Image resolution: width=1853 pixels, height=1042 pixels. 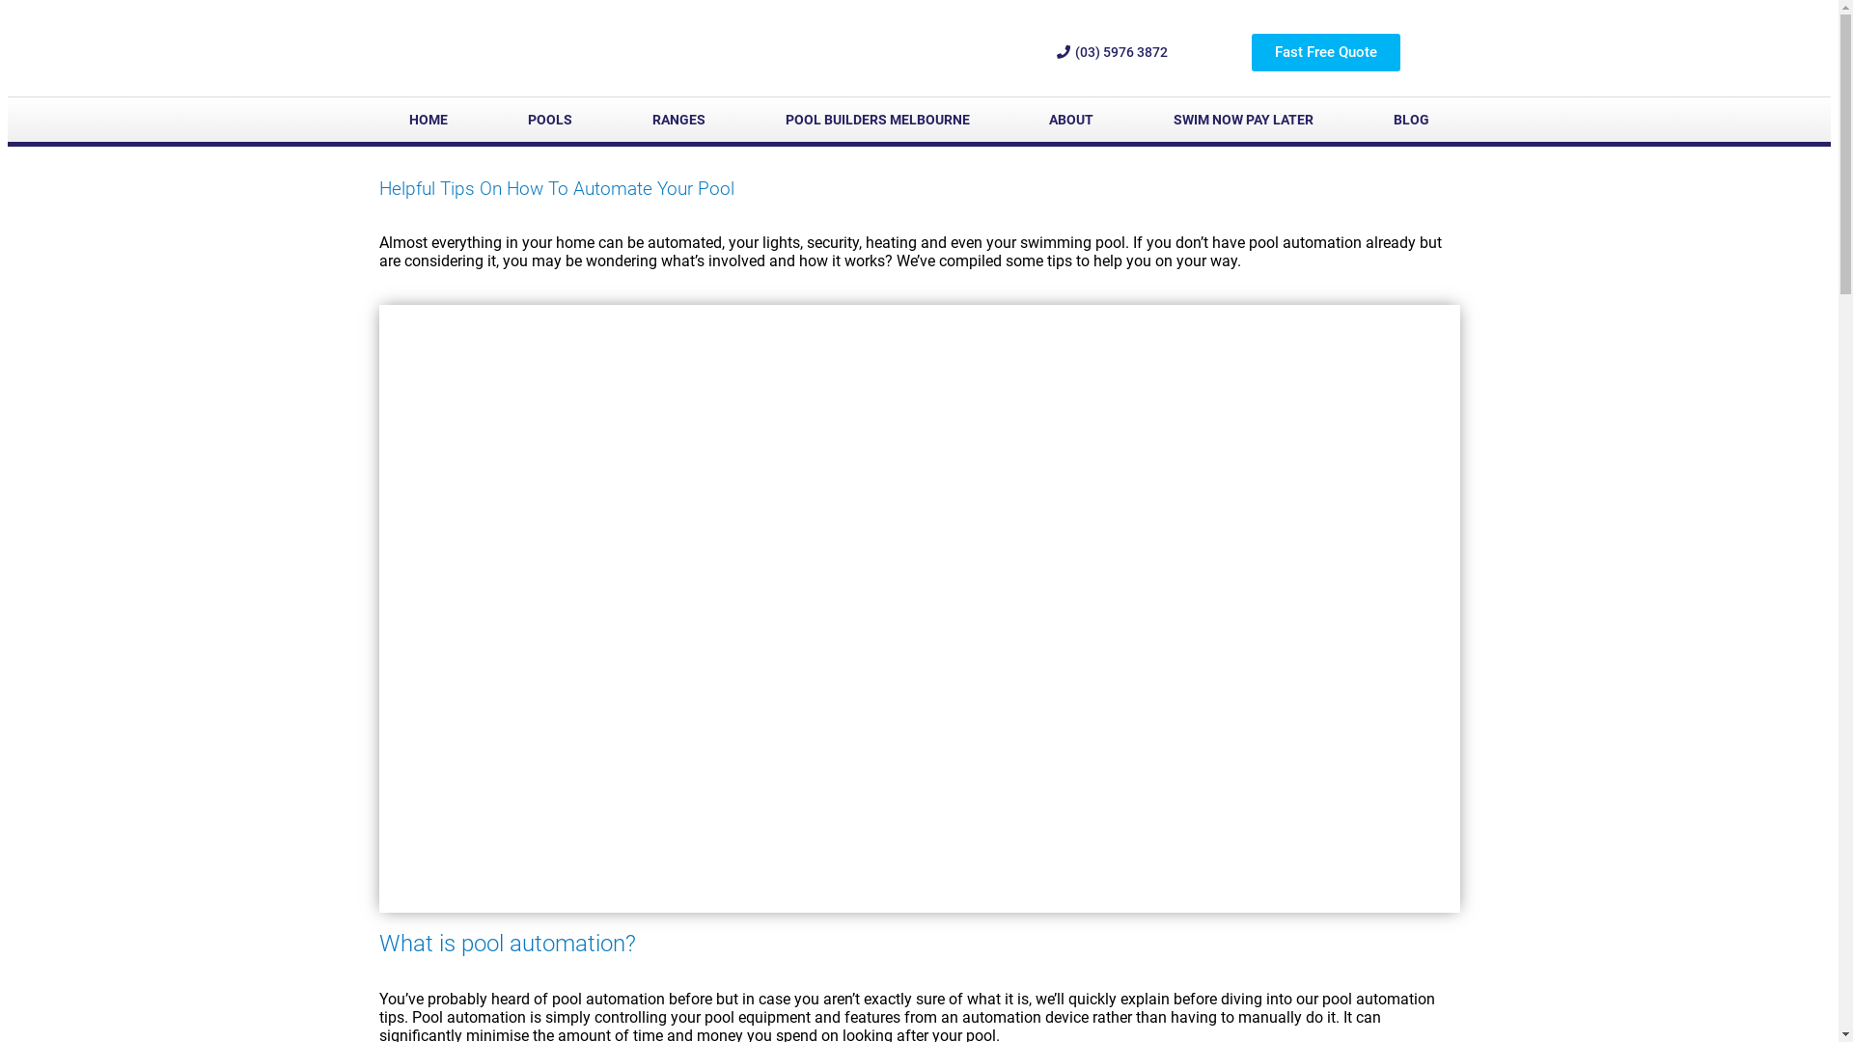 What do you see at coordinates (1324, 51) in the screenshot?
I see `'Fast Free Quote'` at bounding box center [1324, 51].